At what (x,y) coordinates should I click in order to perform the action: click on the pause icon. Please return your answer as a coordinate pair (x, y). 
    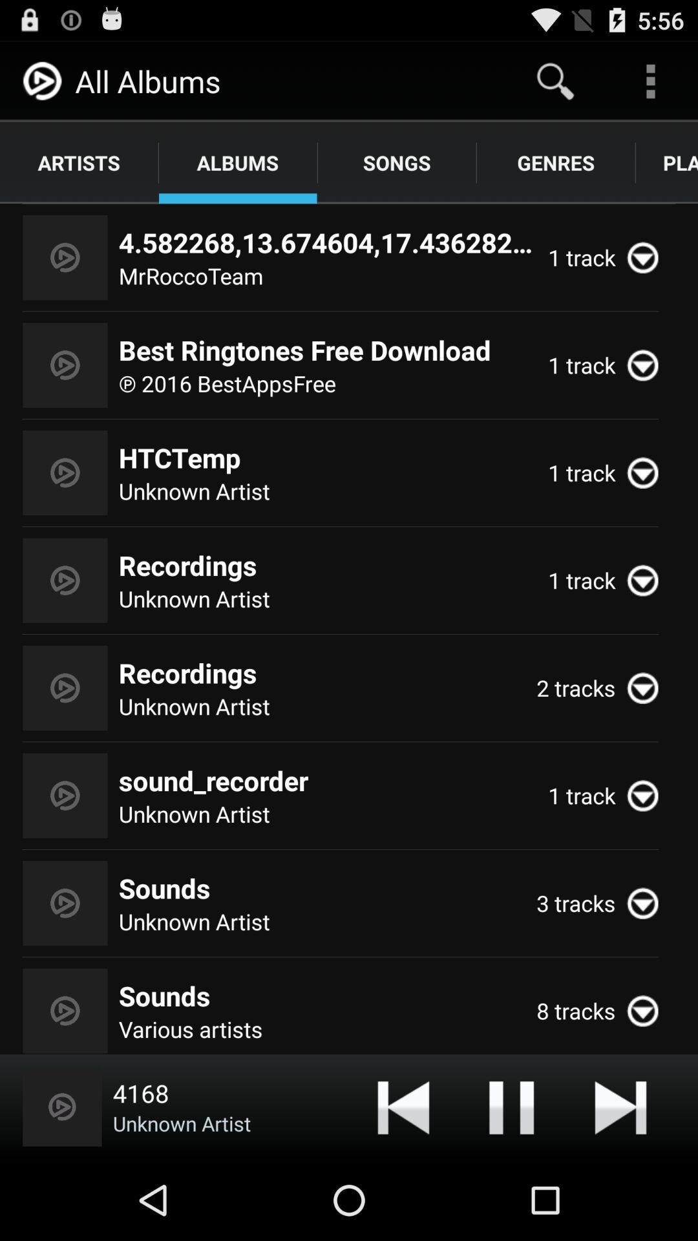
    Looking at the image, I should click on (511, 1184).